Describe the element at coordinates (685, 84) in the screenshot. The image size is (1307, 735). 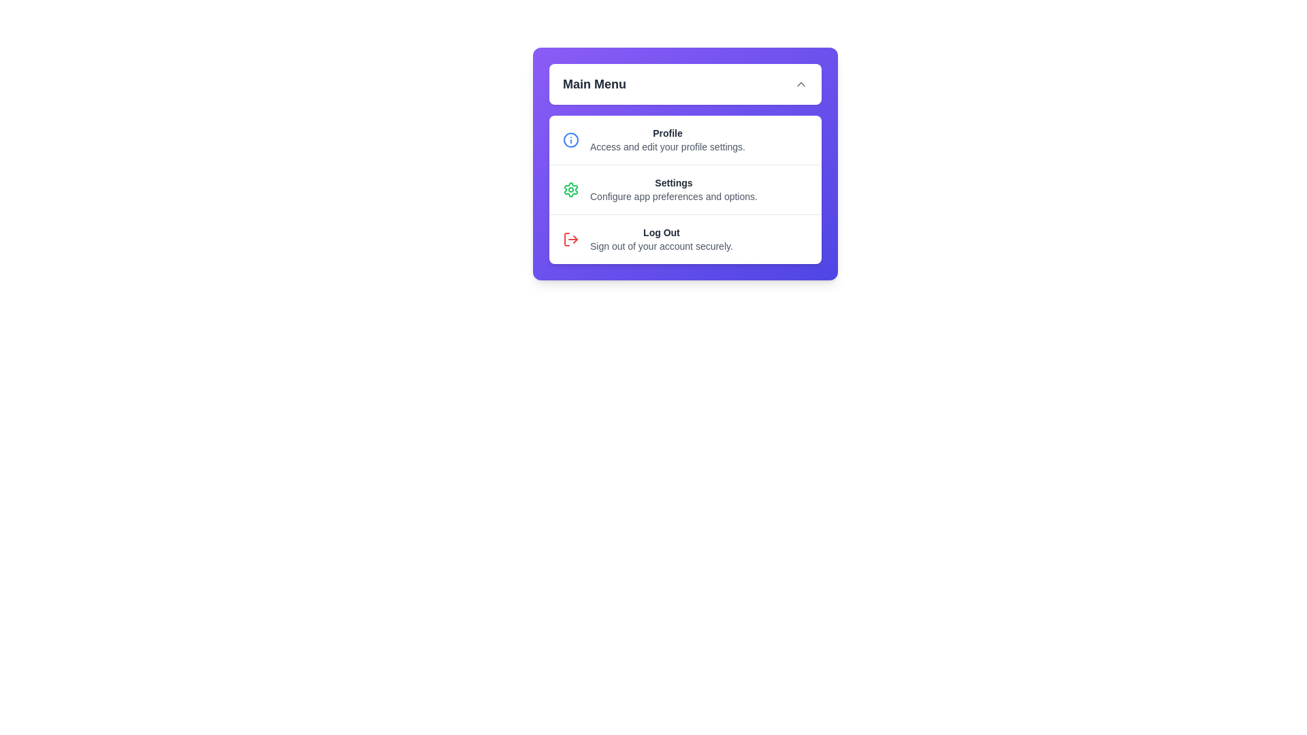
I see `the main menu button to toggle the menu visibility` at that location.